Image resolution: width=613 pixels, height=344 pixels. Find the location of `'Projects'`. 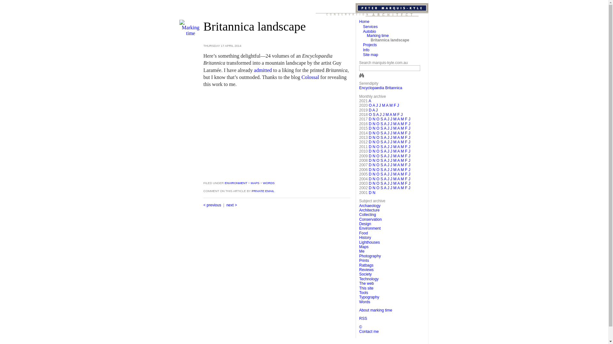

'Projects' is located at coordinates (370, 45).